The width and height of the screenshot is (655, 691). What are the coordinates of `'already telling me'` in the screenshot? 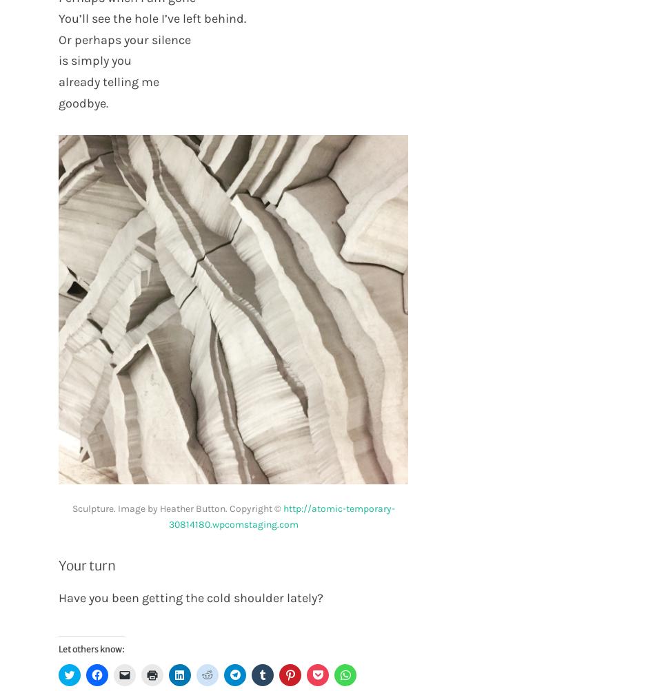 It's located at (108, 80).